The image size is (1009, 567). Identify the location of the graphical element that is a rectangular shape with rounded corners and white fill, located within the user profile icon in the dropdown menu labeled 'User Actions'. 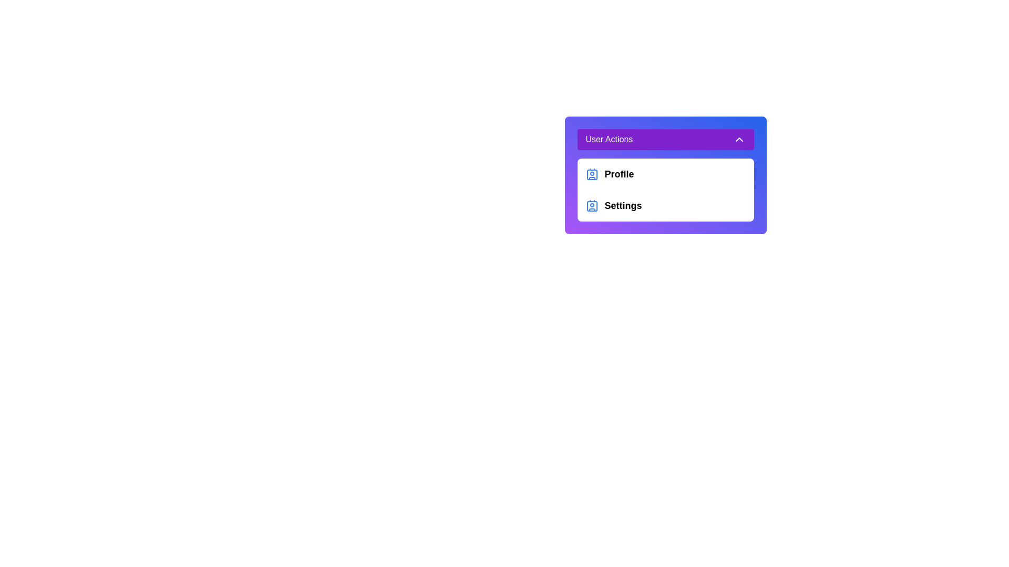
(592, 174).